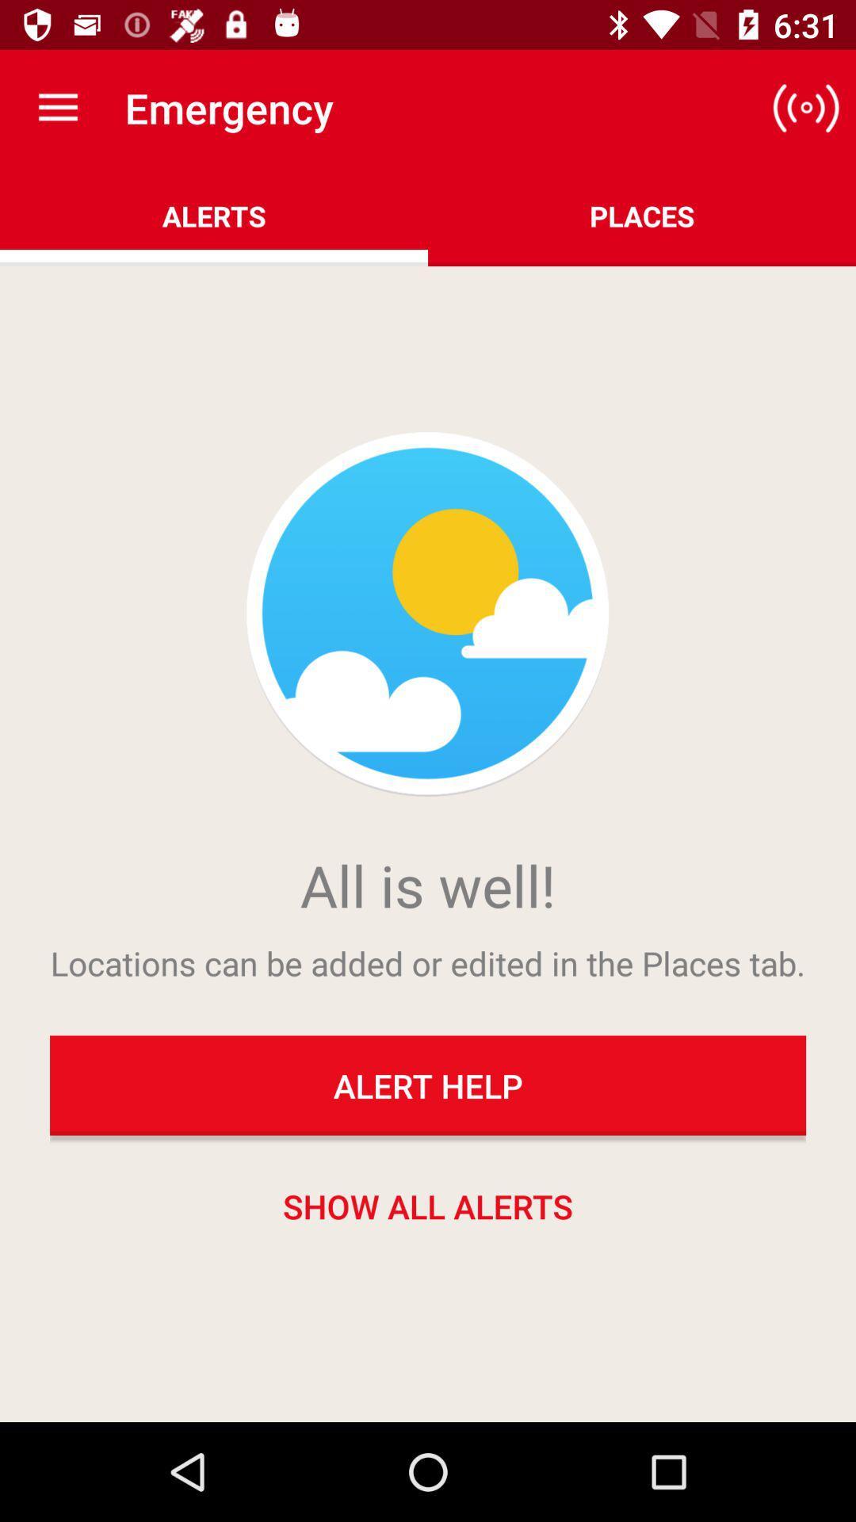 The width and height of the screenshot is (856, 1522). Describe the element at coordinates (428, 1084) in the screenshot. I see `the alert help` at that location.